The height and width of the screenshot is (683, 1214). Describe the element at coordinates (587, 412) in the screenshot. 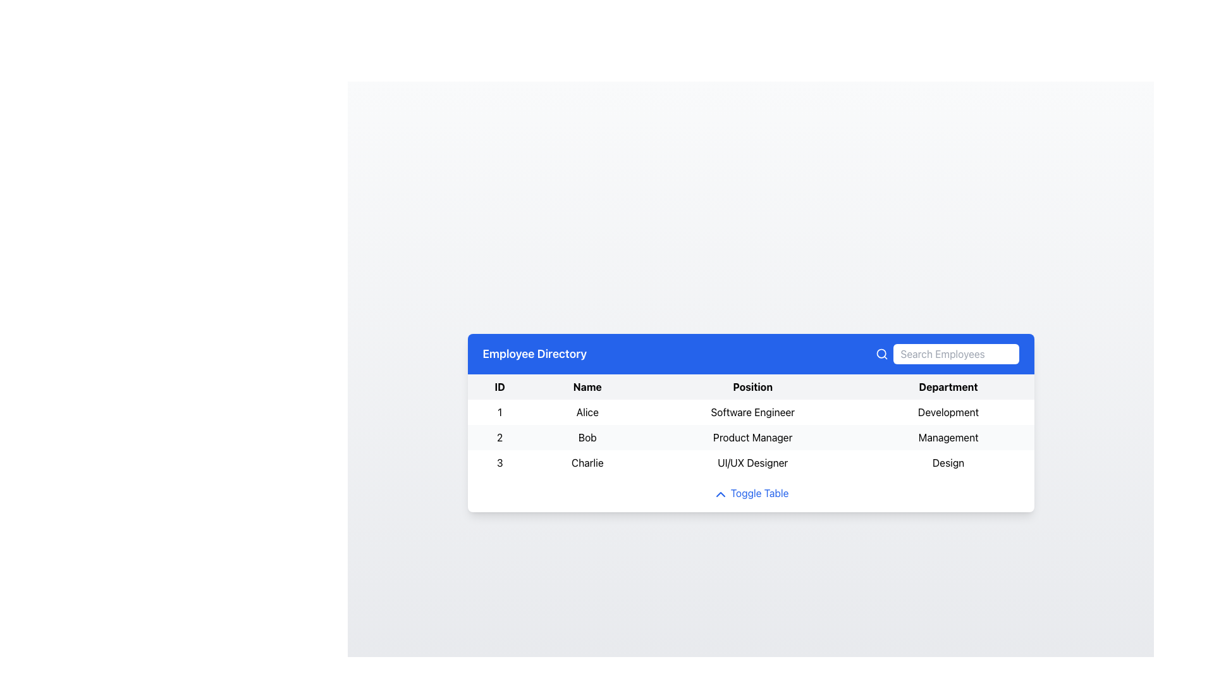

I see `text displayed in the label 'Alice', which is located in the second column of the first row of the 'Employee Directory' table under the 'Name' column header` at that location.